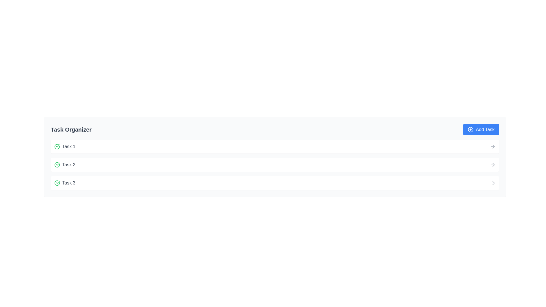 This screenshot has height=307, width=546. Describe the element at coordinates (65, 146) in the screenshot. I see `the 'Task 1' text in the task list to interact with the task` at that location.